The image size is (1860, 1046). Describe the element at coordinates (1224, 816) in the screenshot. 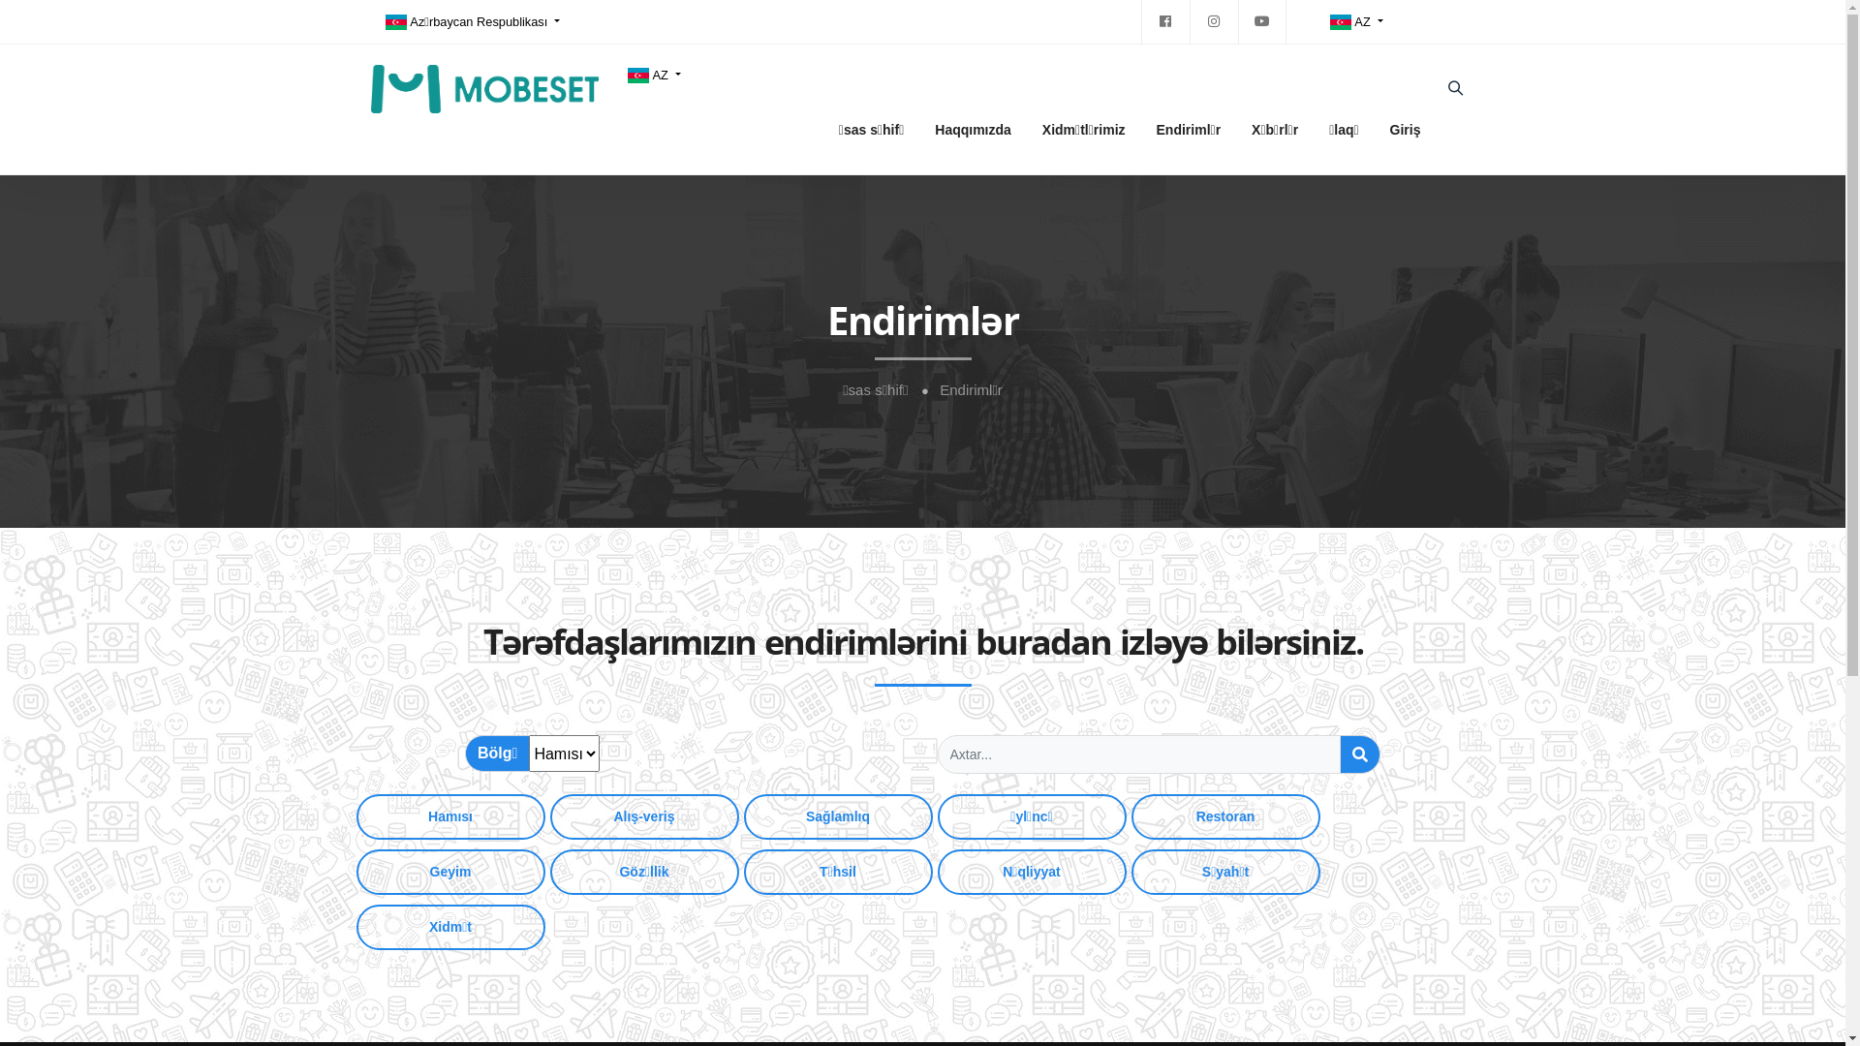

I see `'Restoran'` at that location.